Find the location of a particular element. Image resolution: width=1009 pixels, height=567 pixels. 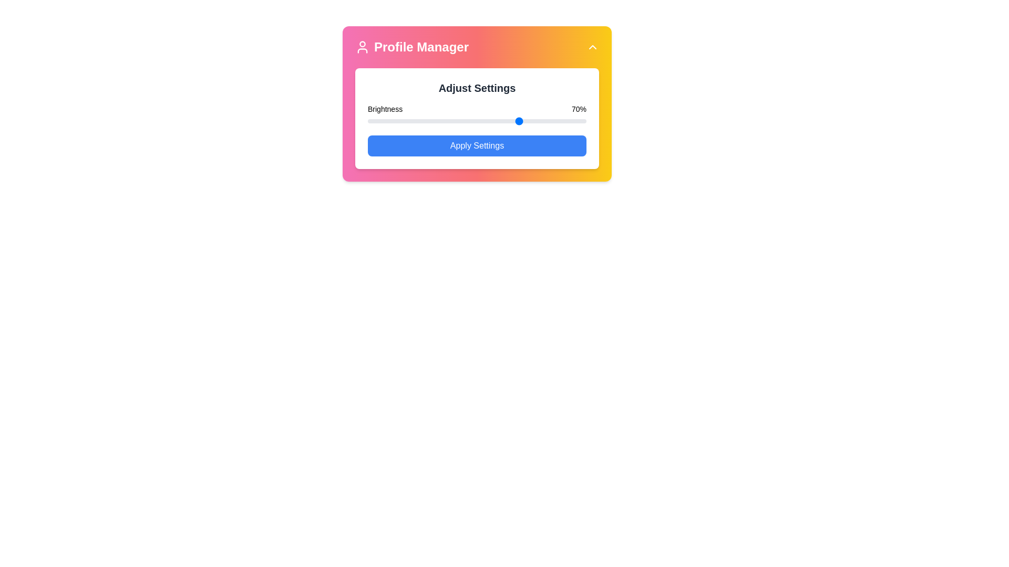

the user profile icon located at the top-left corner of the Profile Manager section for accessibility purposes is located at coordinates (363, 46).